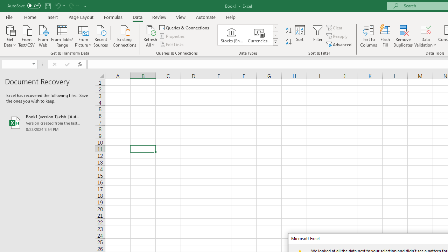  What do you see at coordinates (288, 42) in the screenshot?
I see `'Sort Z to A'` at bounding box center [288, 42].